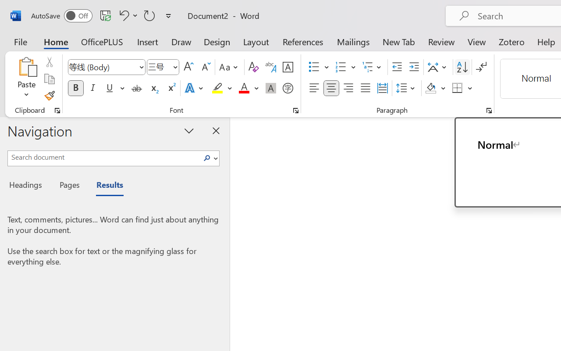 Image resolution: width=561 pixels, height=351 pixels. I want to click on 'Line and Paragraph Spacing', so click(406, 88).